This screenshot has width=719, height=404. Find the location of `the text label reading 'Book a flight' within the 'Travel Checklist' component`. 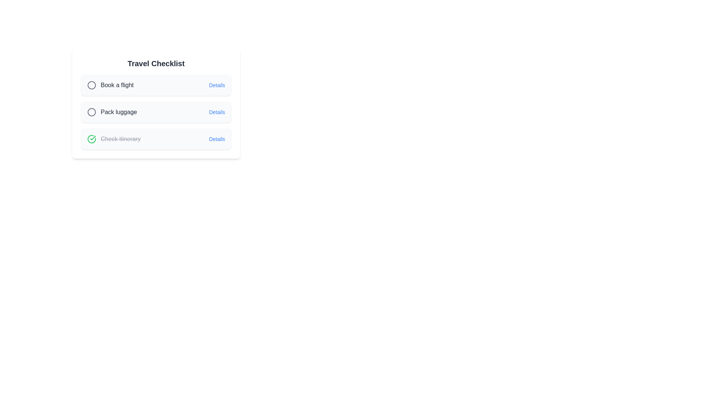

the text label reading 'Book a flight' within the 'Travel Checklist' component is located at coordinates (116, 85).